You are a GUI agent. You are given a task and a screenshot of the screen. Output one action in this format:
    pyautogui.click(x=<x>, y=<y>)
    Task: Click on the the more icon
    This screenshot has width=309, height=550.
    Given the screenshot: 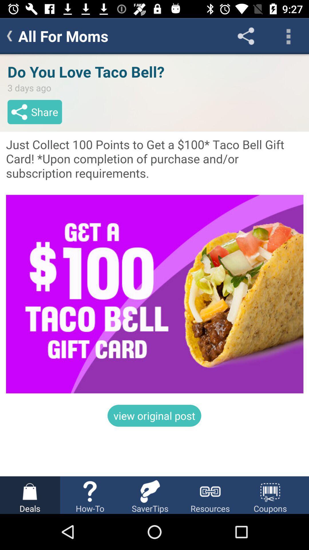 What is the action you would take?
    pyautogui.click(x=288, y=36)
    